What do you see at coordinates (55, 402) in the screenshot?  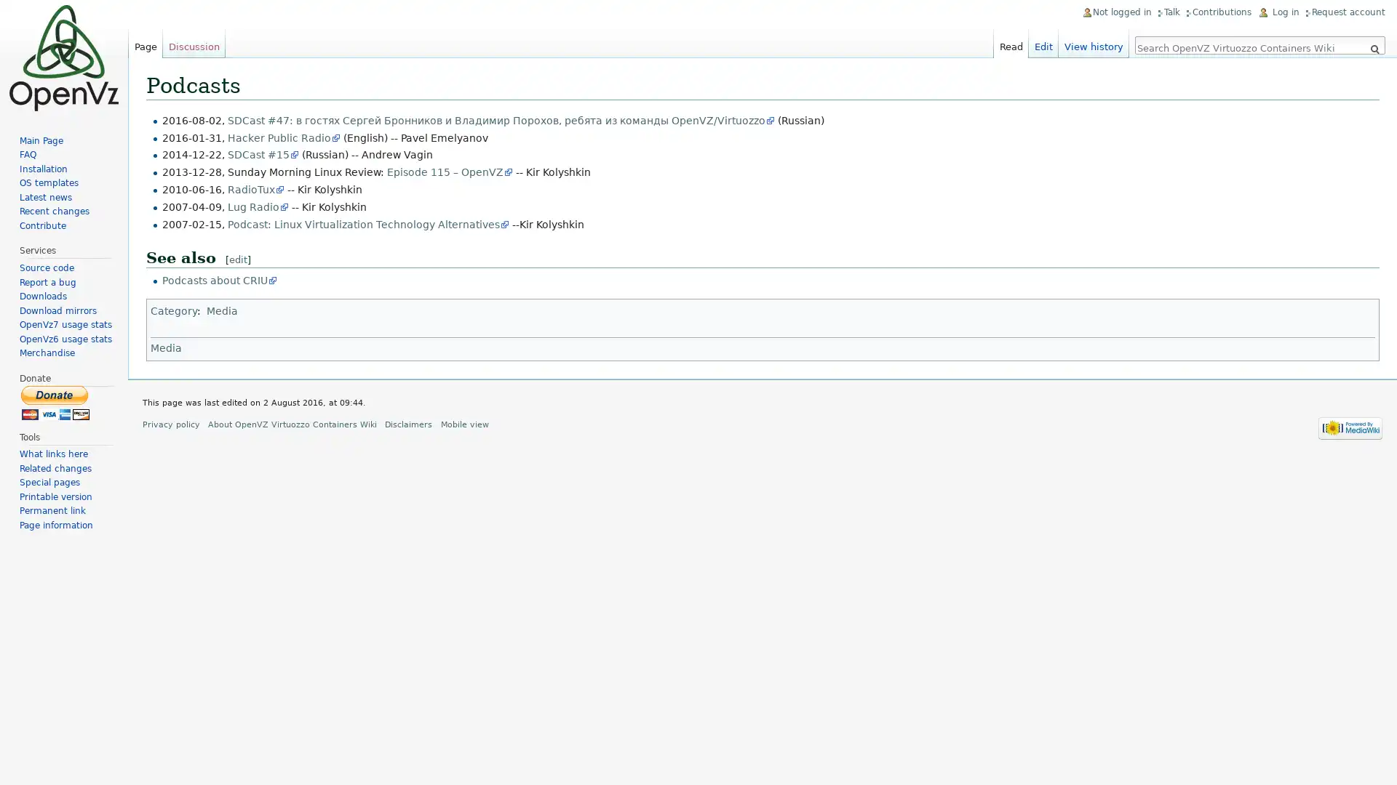 I see `PayPal - The safer, easier way to pay online!` at bounding box center [55, 402].